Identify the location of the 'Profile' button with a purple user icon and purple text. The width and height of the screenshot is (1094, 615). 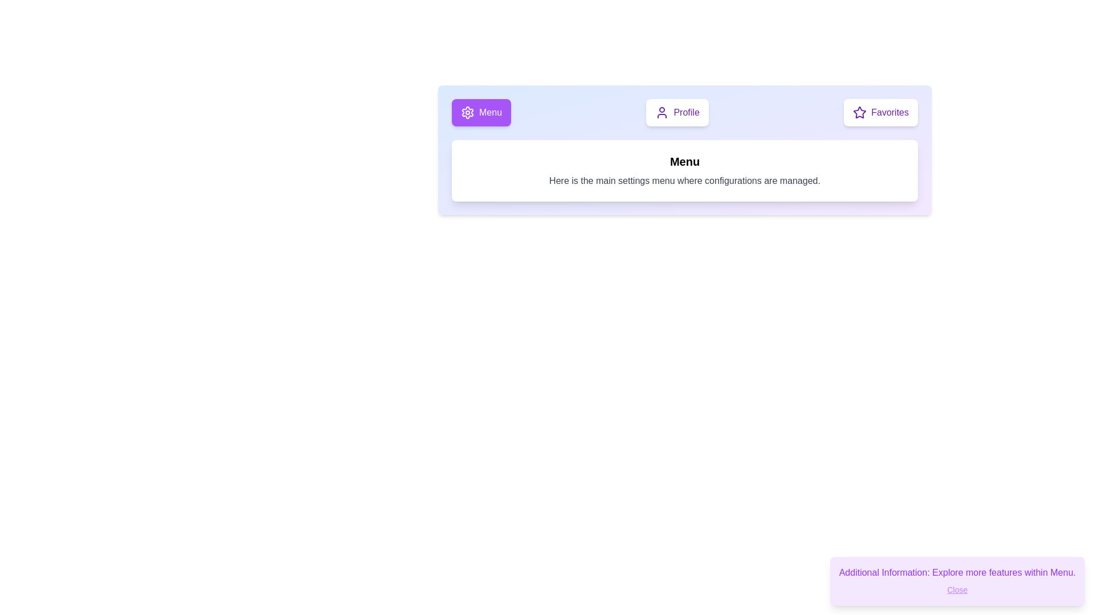
(677, 112).